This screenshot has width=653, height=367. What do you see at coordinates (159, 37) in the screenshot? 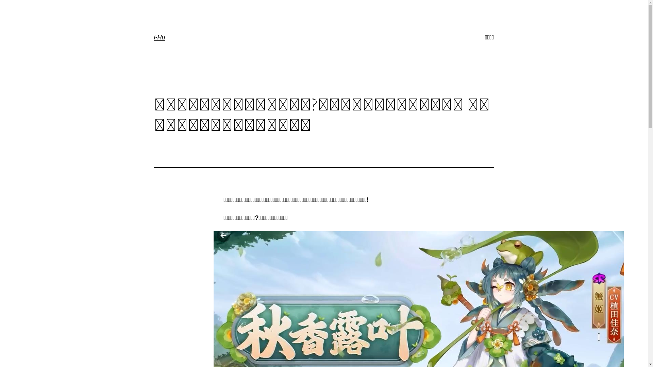
I see `'i-Hu'` at bounding box center [159, 37].